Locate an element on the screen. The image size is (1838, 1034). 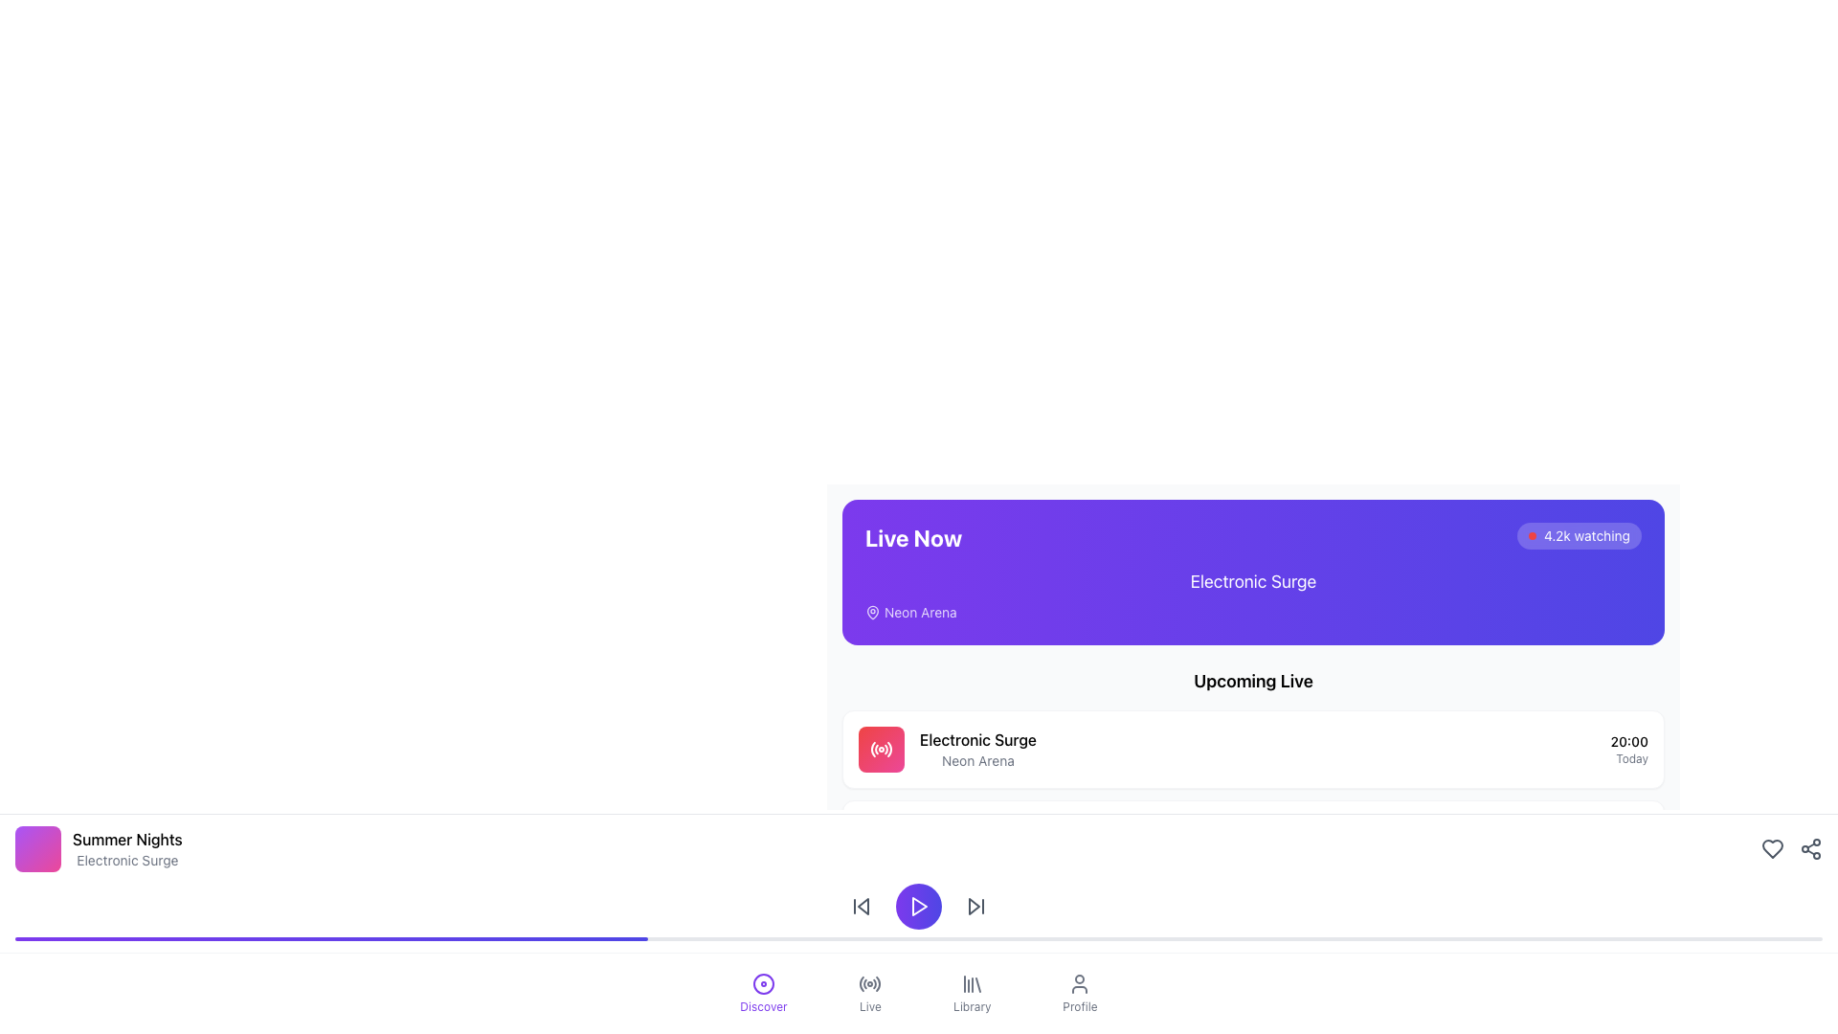
the static rectangle element with rounded corners located at the center of the button-like component in the bottom control section is located at coordinates (881, 840).